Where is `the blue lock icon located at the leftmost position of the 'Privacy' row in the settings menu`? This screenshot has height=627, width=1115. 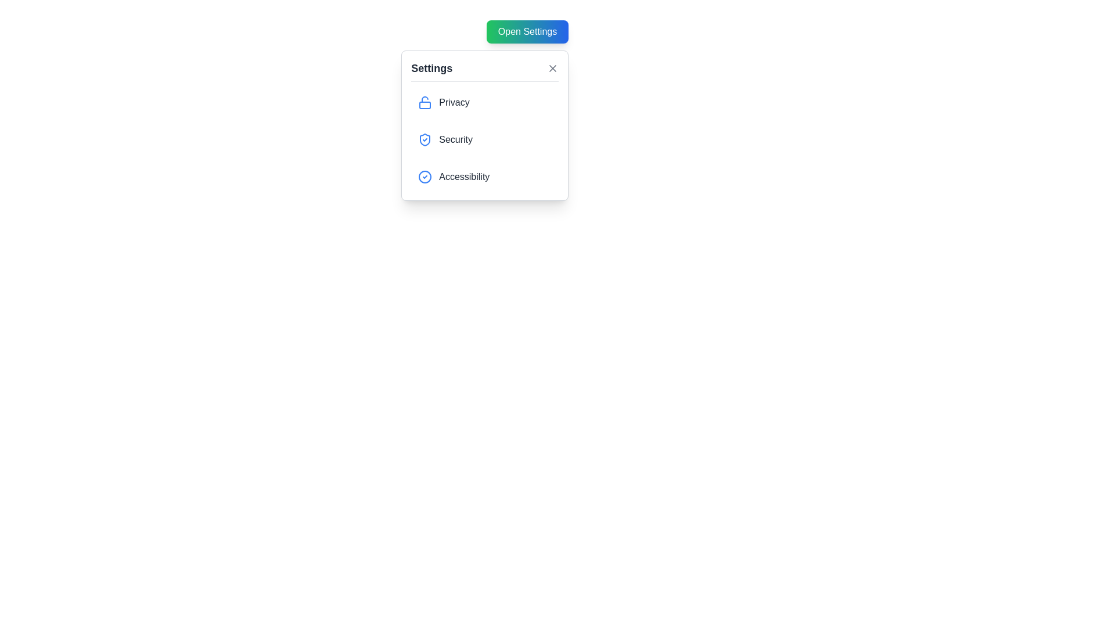
the blue lock icon located at the leftmost position of the 'Privacy' row in the settings menu is located at coordinates (425, 102).